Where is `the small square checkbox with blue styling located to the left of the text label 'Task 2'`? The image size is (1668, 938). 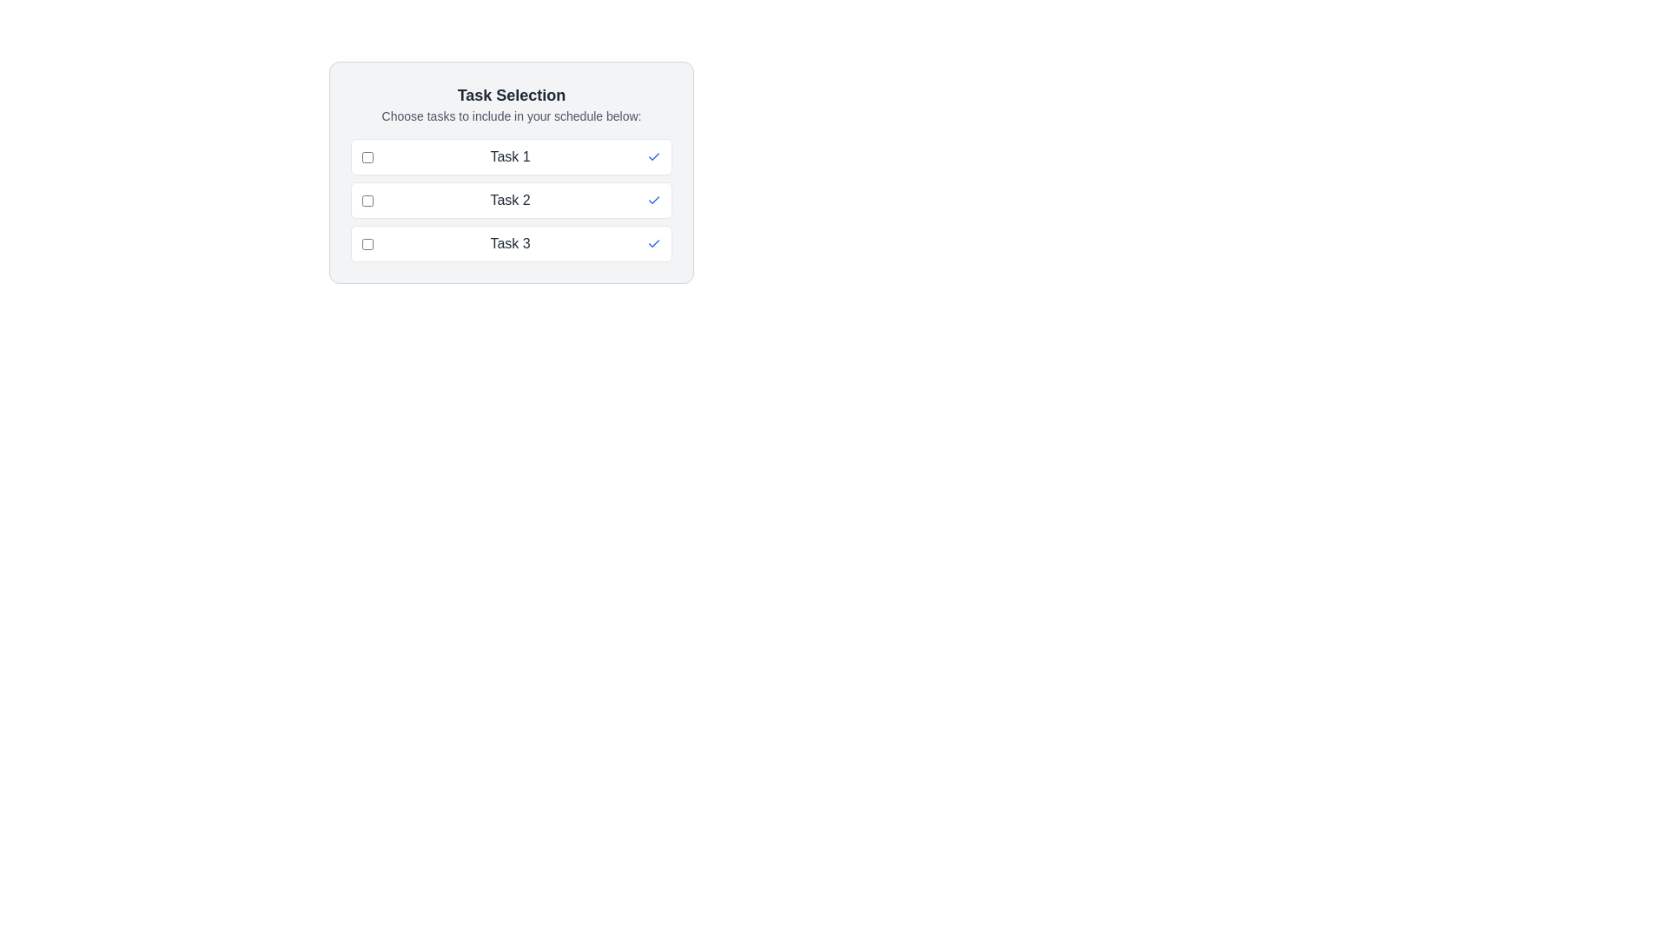 the small square checkbox with blue styling located to the left of the text label 'Task 2' is located at coordinates (367, 200).